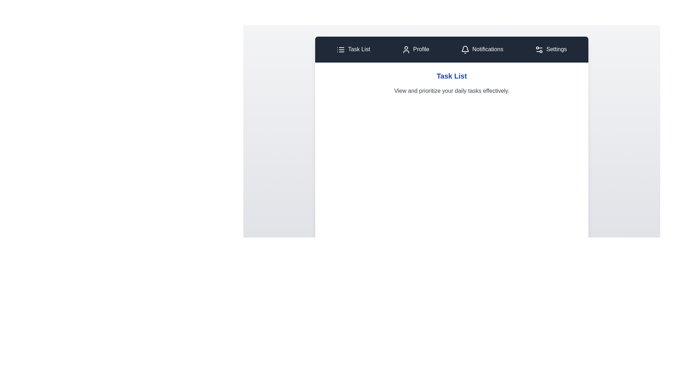  What do you see at coordinates (550, 49) in the screenshot?
I see `the tab labeled Settings` at bounding box center [550, 49].